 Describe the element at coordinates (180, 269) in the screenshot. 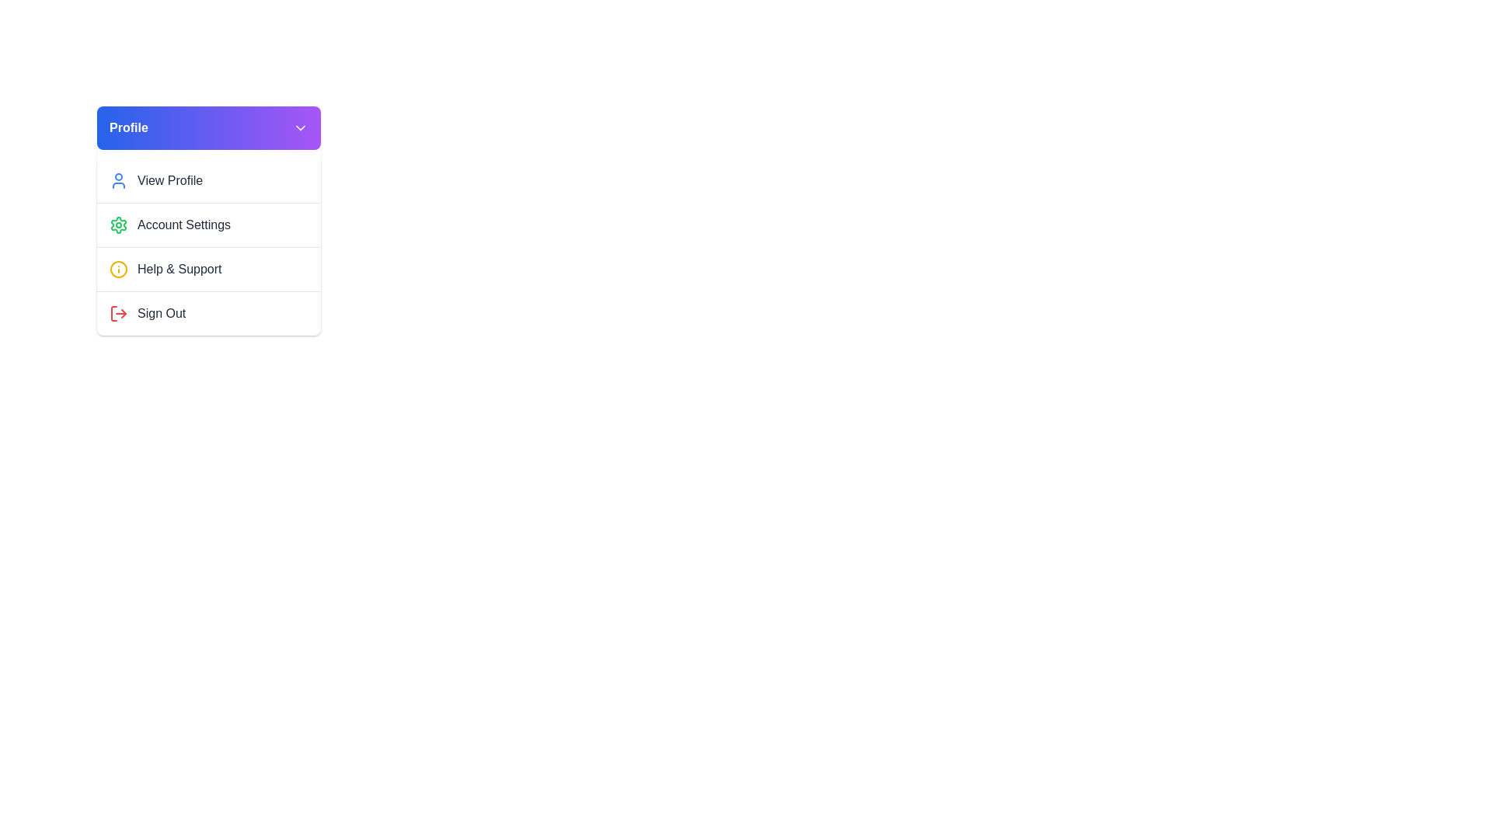

I see `the 'Help & Support' text label located in the 'Profile' dropdown menu` at that location.